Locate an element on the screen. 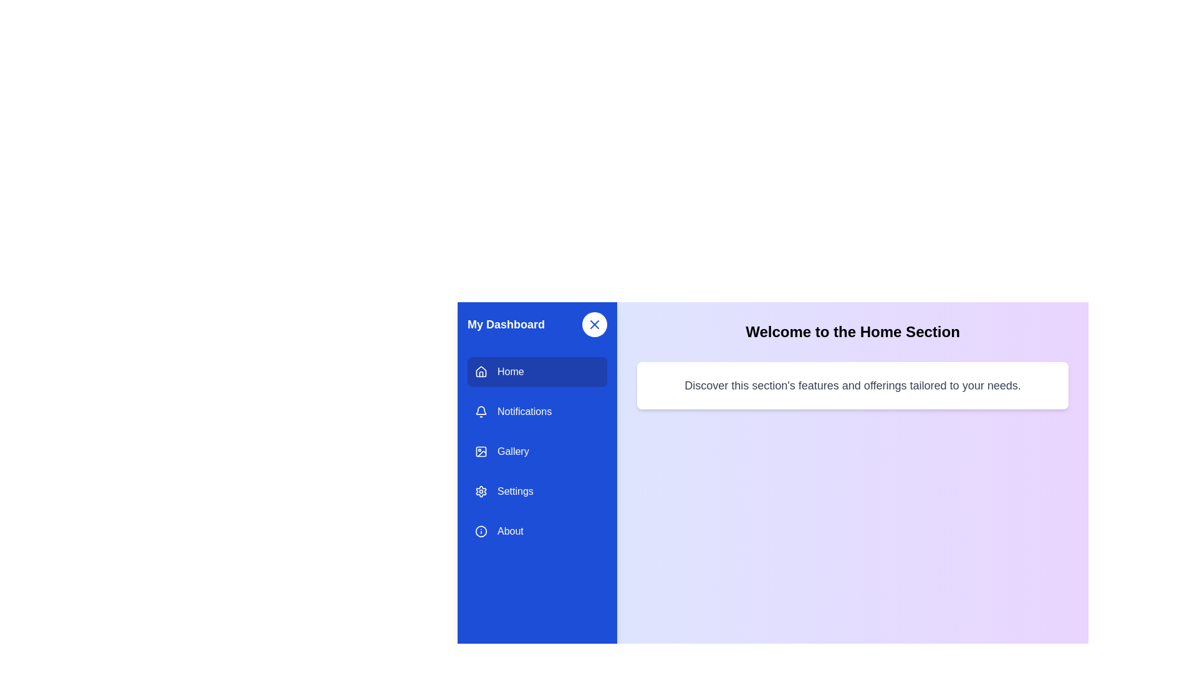 The image size is (1197, 673). the toggle button to change the sidebar visibility is located at coordinates (594, 323).